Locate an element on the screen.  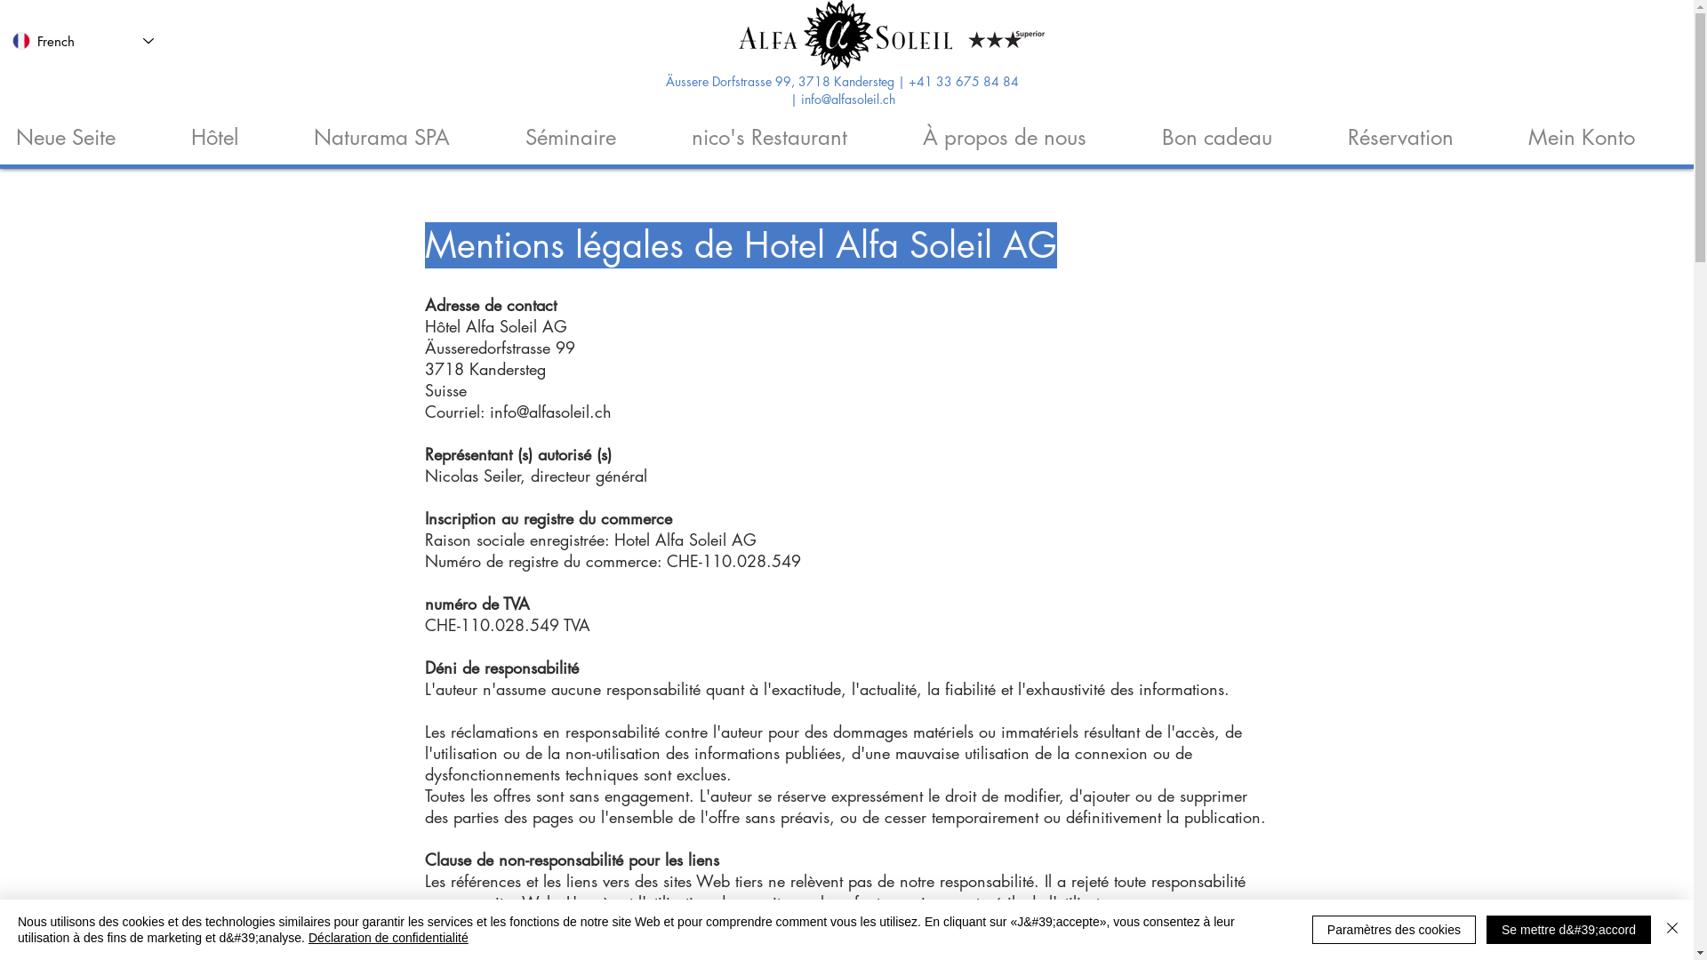
'Neue Seite' is located at coordinates (86, 128).